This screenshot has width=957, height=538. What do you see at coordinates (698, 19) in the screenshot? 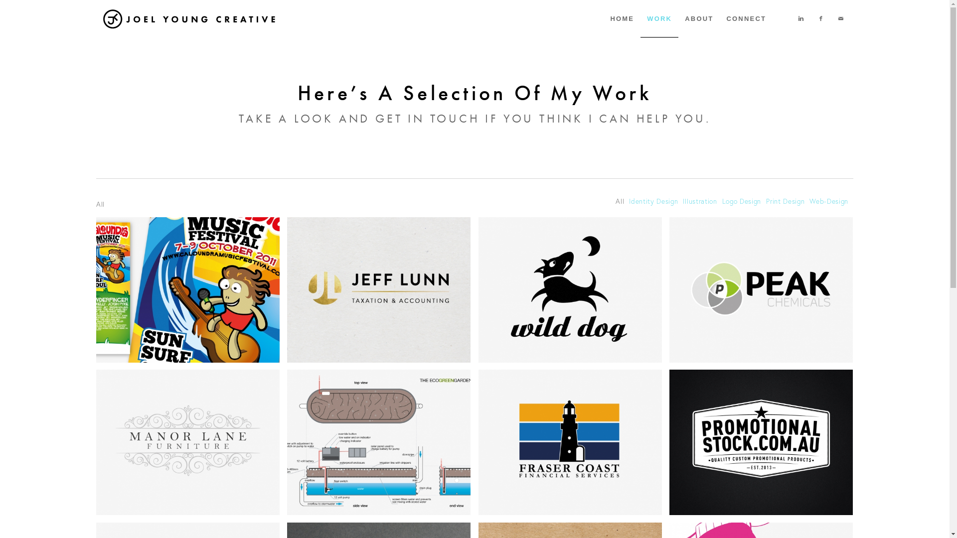
I see `'ABOUT'` at bounding box center [698, 19].